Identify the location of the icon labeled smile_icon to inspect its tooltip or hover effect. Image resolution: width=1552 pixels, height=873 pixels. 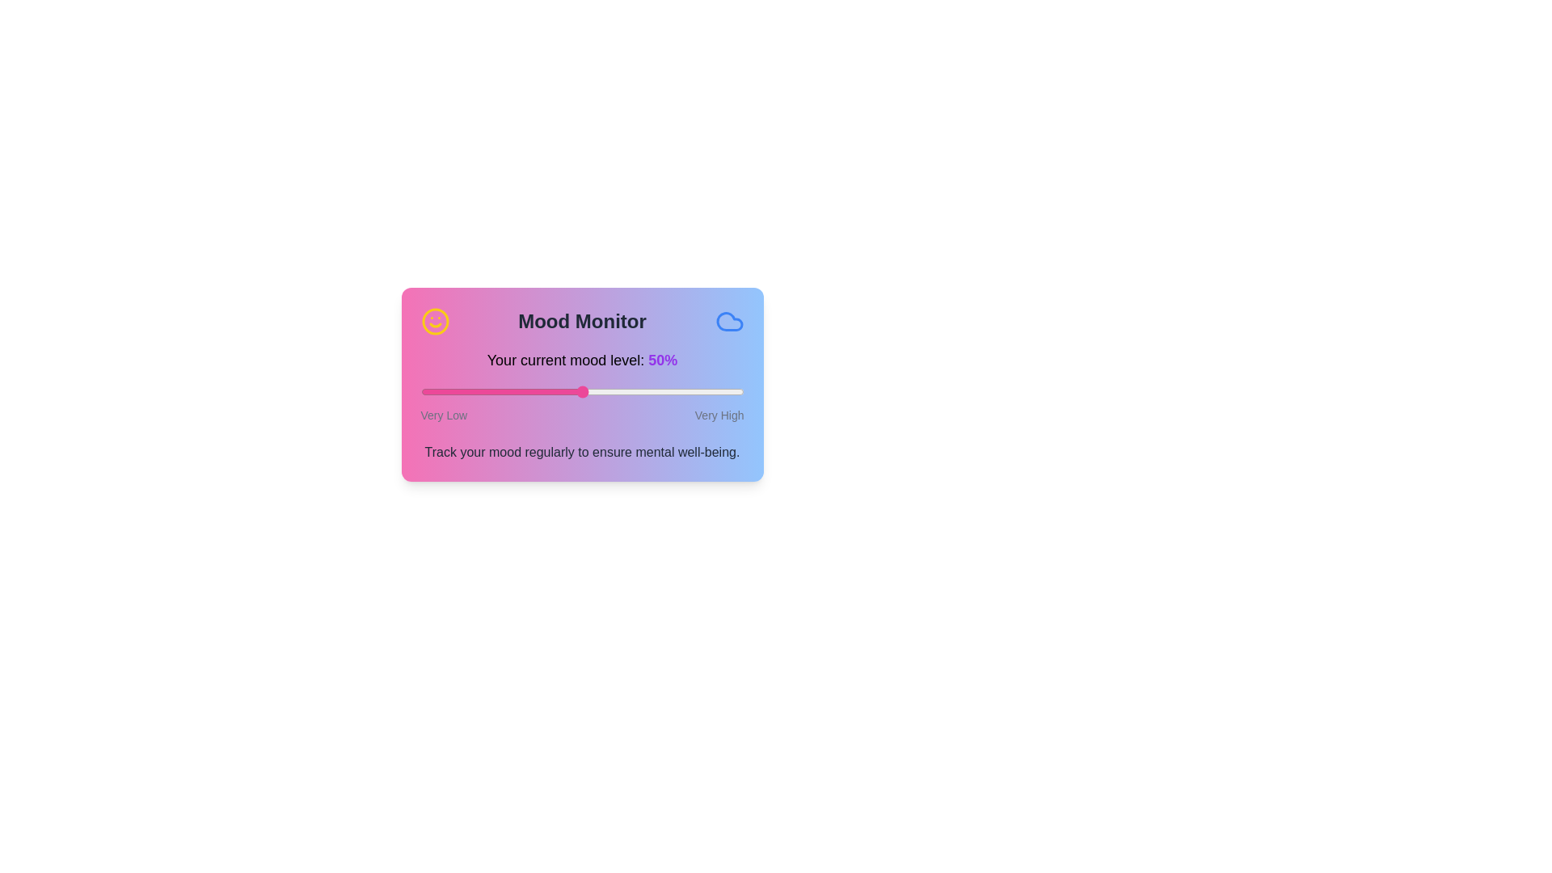
(435, 321).